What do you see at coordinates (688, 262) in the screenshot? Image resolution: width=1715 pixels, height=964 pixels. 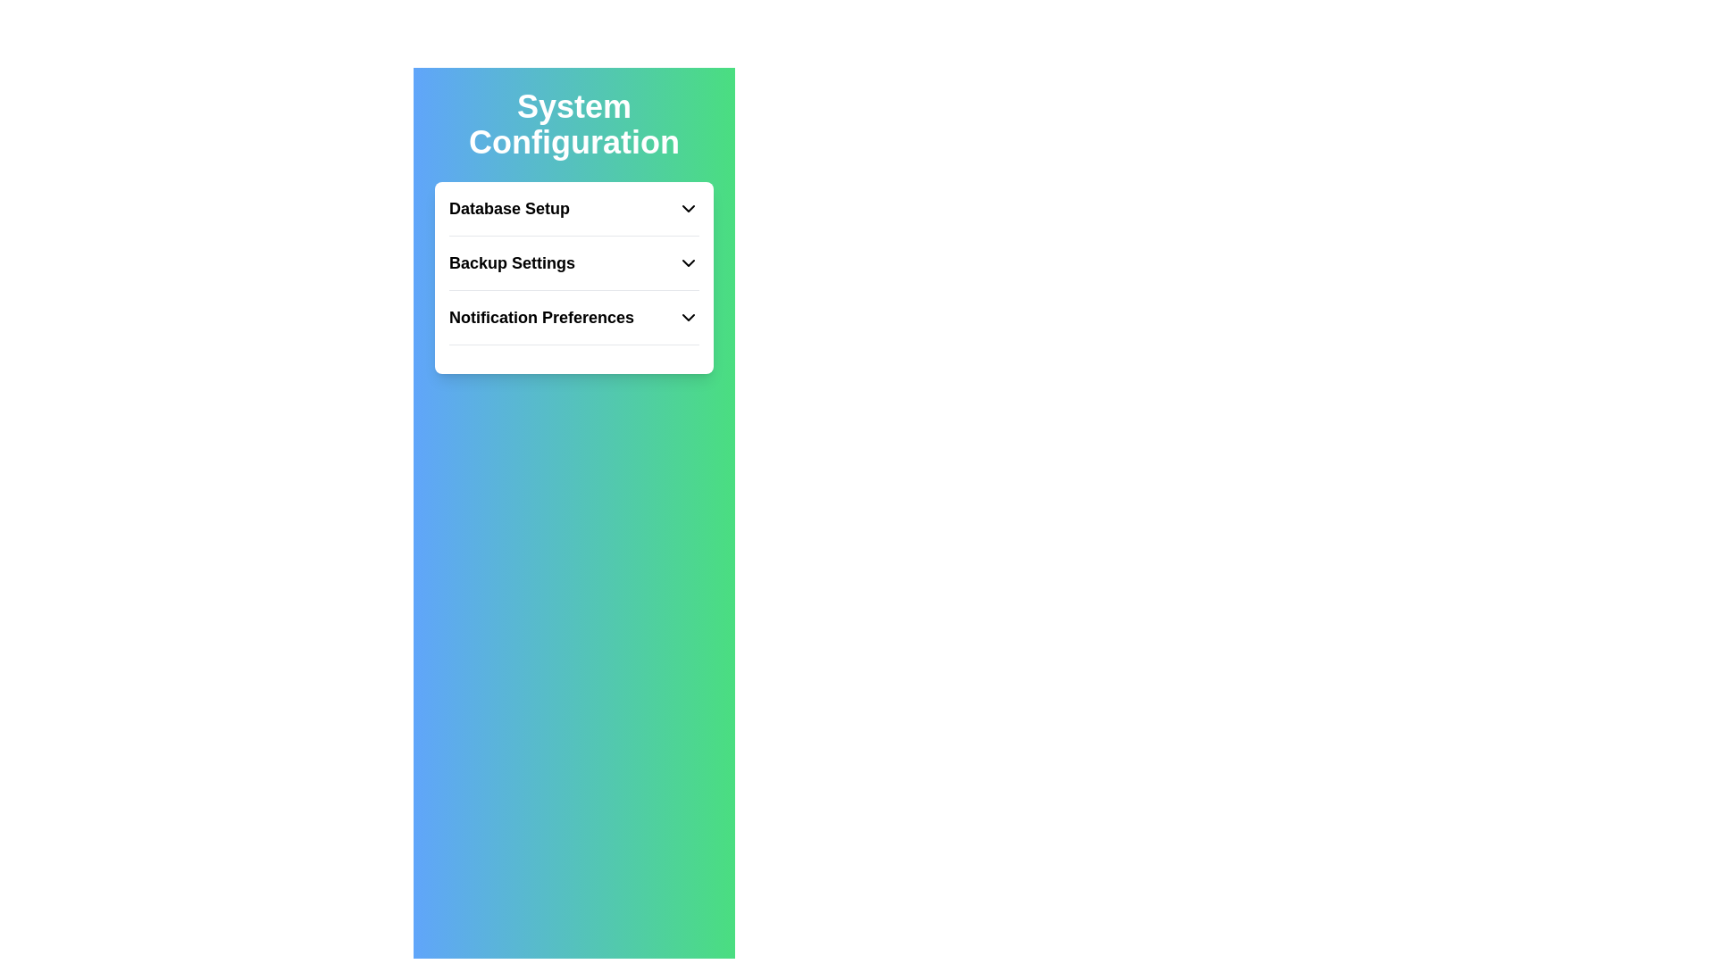 I see `the chevron icon located on the right side of the 'Backup Settings' menu item` at bounding box center [688, 262].